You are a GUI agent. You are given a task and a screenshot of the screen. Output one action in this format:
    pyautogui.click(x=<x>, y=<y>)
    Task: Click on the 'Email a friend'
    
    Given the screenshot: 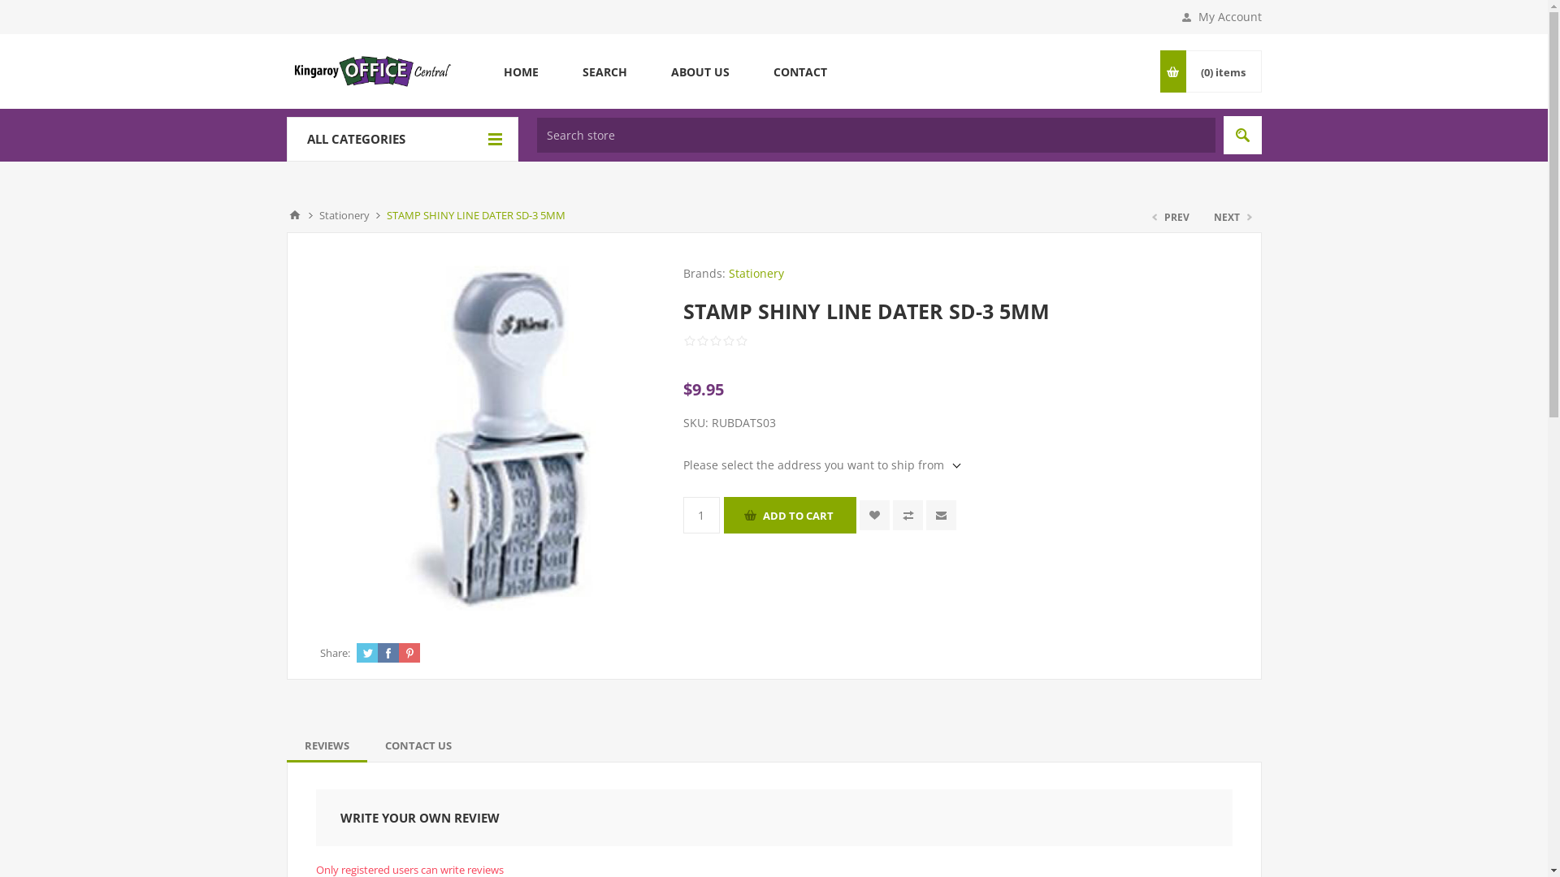 What is the action you would take?
    pyautogui.click(x=941, y=515)
    